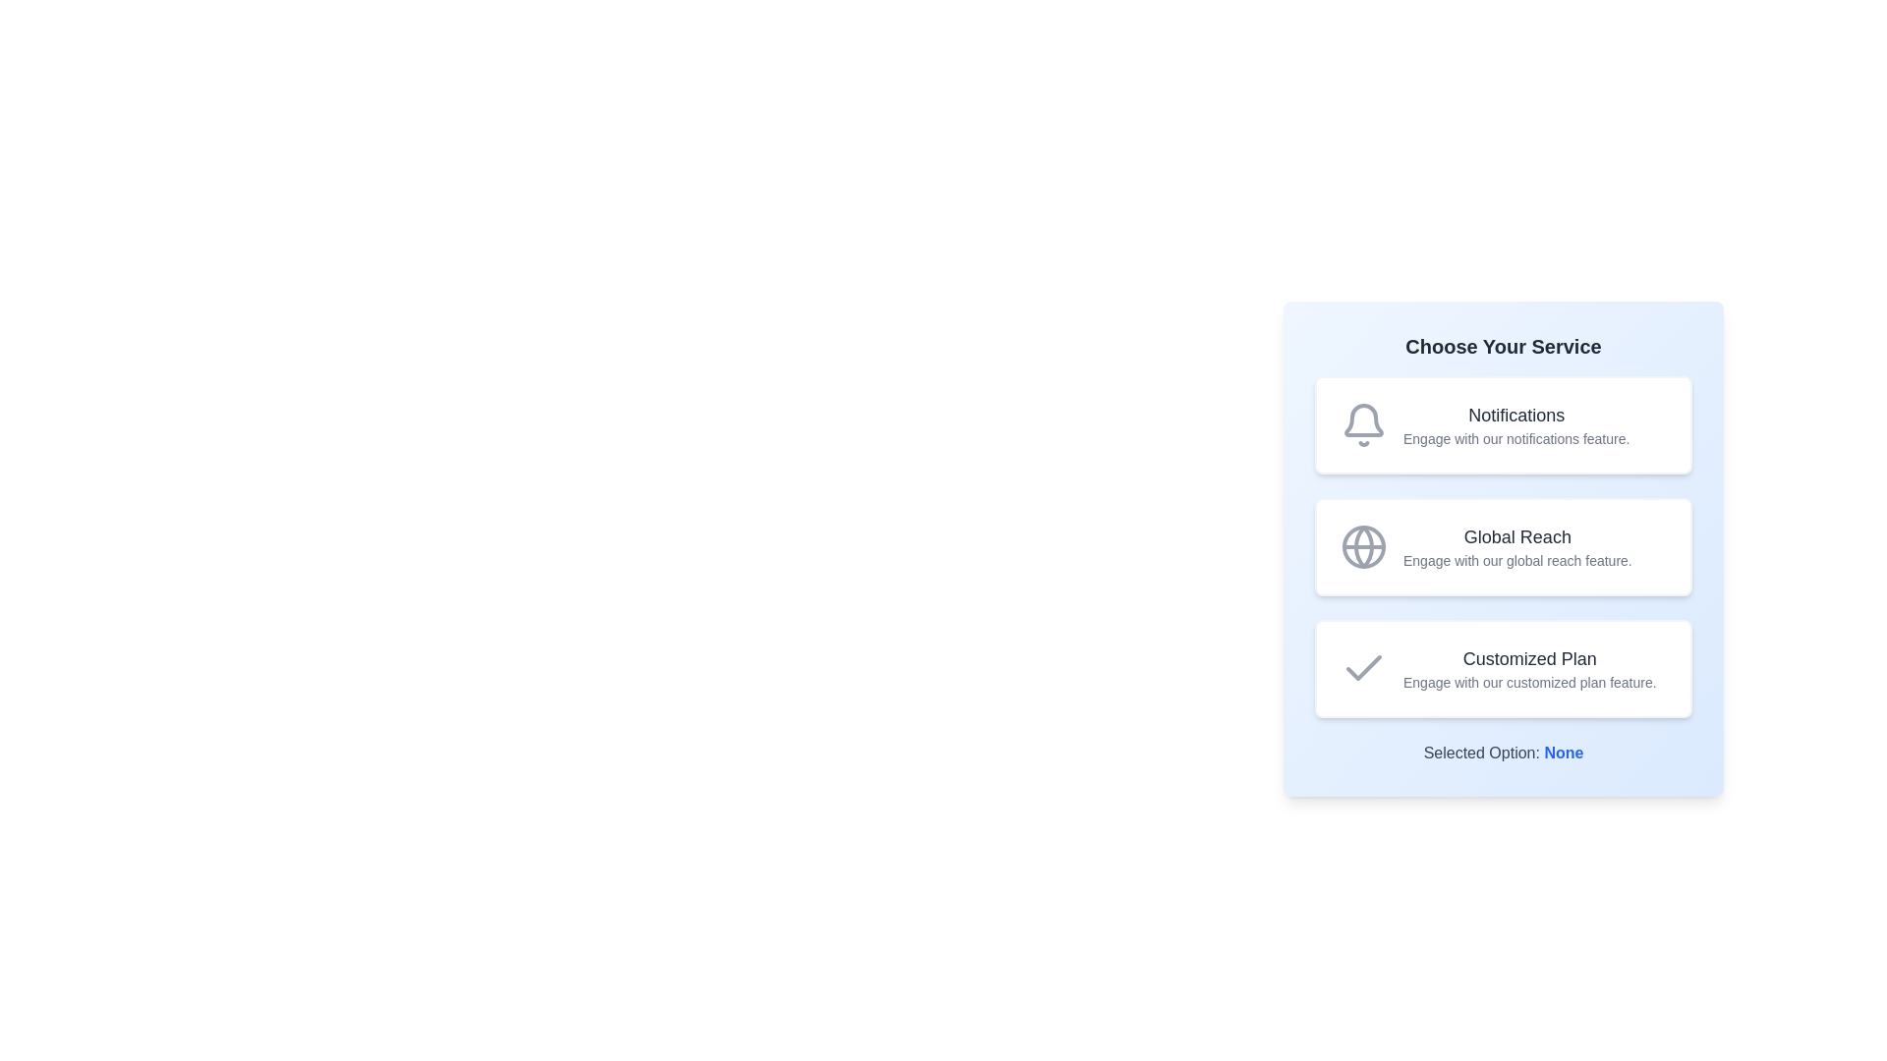 The image size is (1887, 1061). I want to click on the static text label that reads 'Engage with our notifications feature.', which is positioned below the 'Notifications' heading, so click(1515, 438).